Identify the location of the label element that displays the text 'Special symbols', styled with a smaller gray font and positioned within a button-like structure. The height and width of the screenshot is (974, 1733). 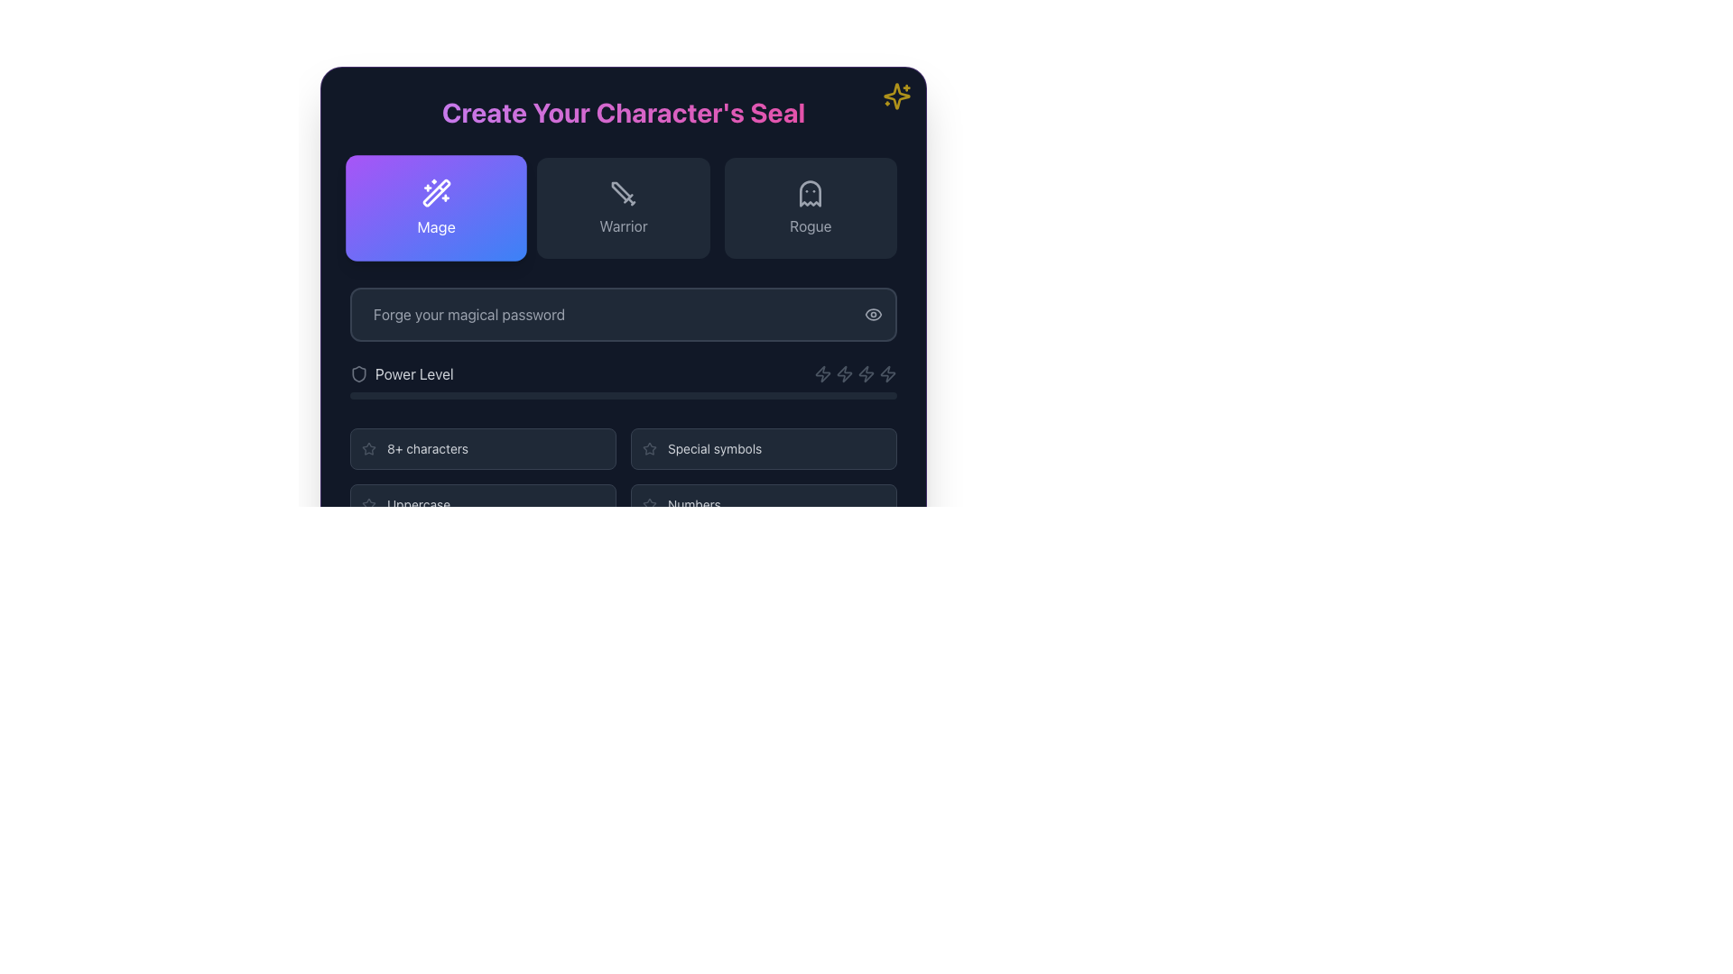
(714, 447).